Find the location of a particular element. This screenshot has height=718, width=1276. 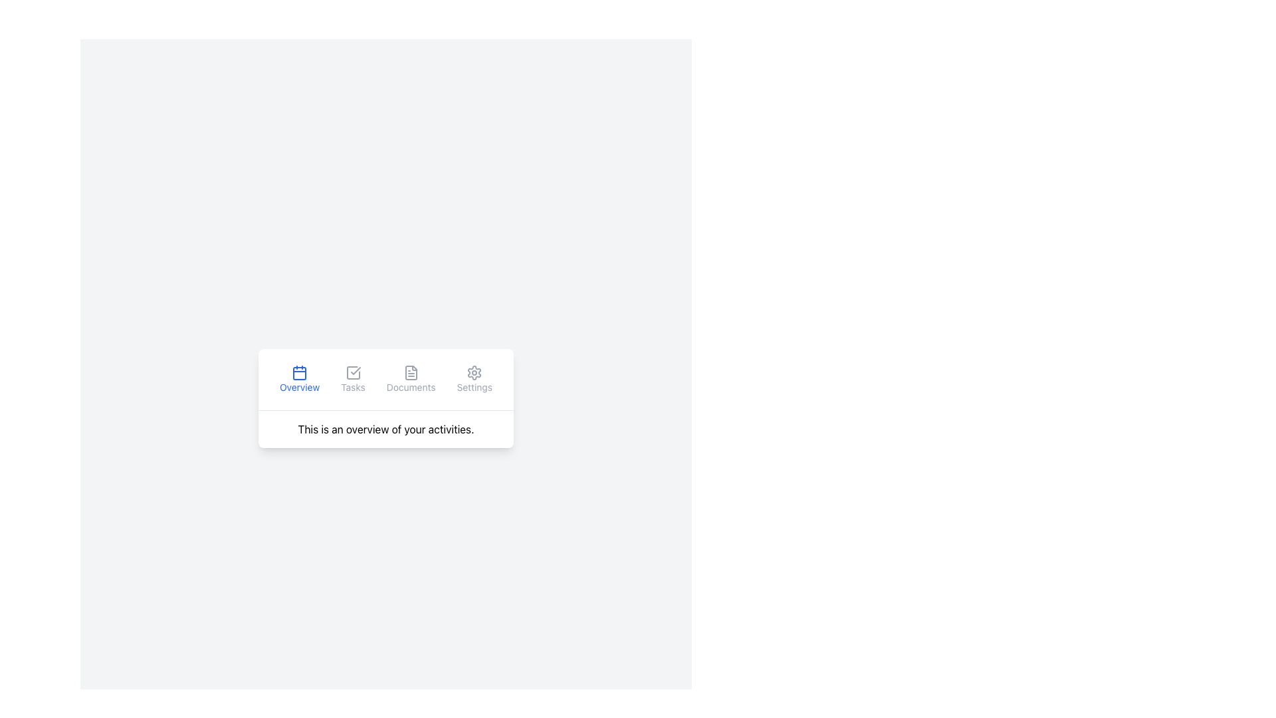

the settings button located in the bottom-right corner of the set of four option icons, which includes an icon and a label is located at coordinates (475, 379).